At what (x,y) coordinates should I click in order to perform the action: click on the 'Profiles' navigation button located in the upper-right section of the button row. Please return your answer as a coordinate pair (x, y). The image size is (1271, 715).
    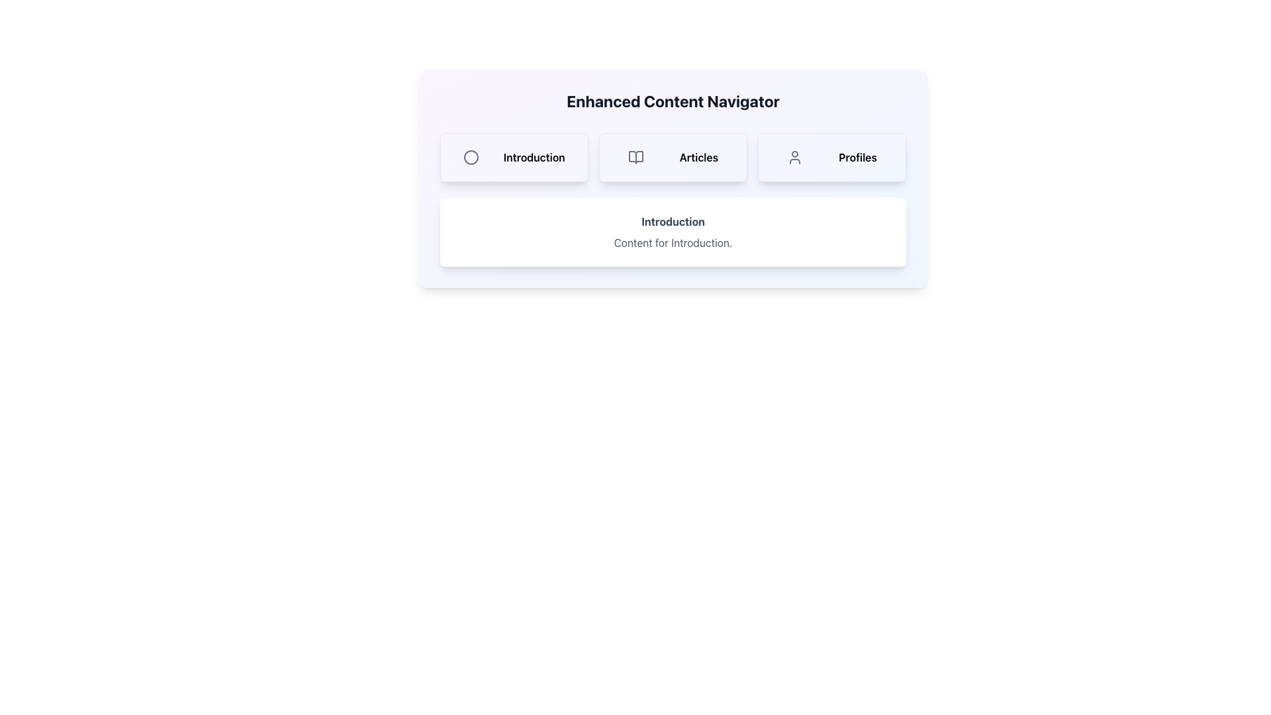
    Looking at the image, I should click on (831, 157).